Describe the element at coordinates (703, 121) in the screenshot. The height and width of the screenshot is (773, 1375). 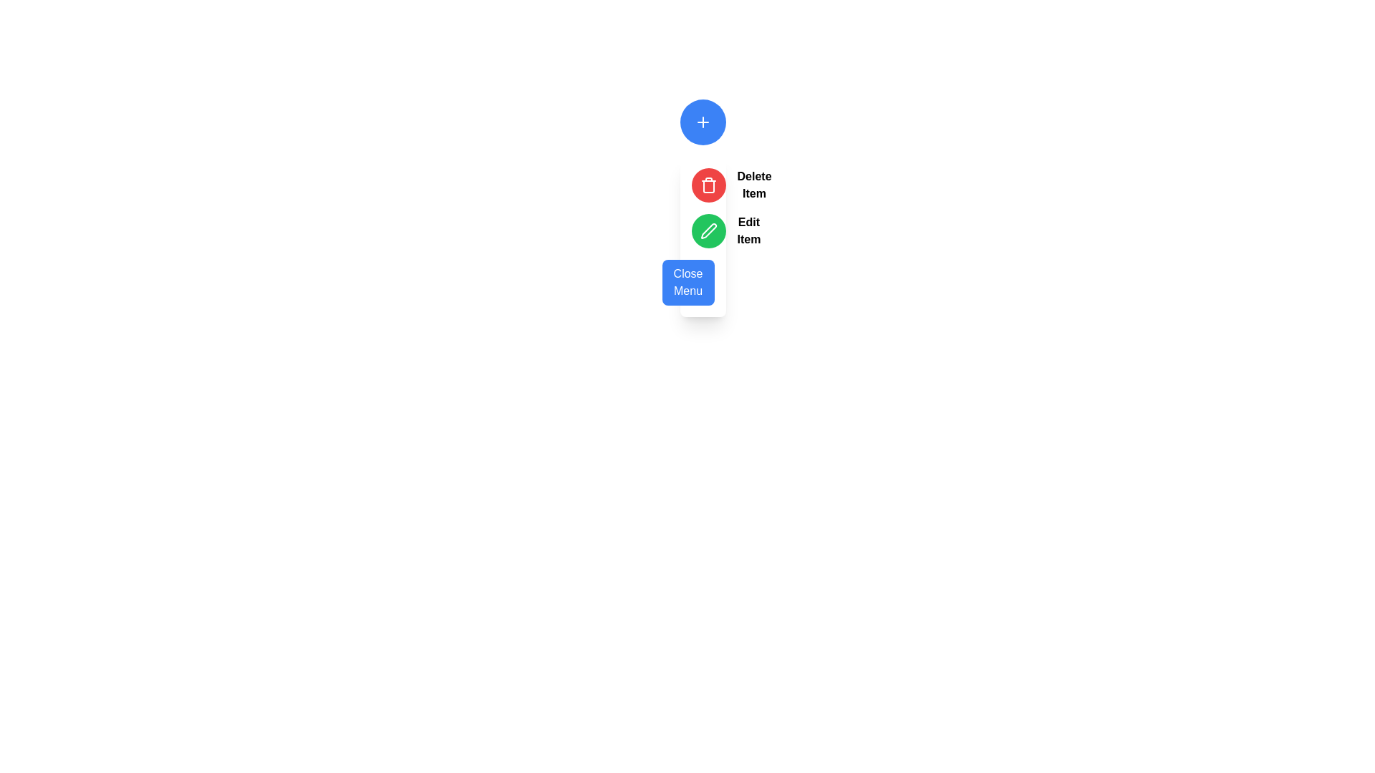
I see `the topmost button in the vertical stack` at that location.